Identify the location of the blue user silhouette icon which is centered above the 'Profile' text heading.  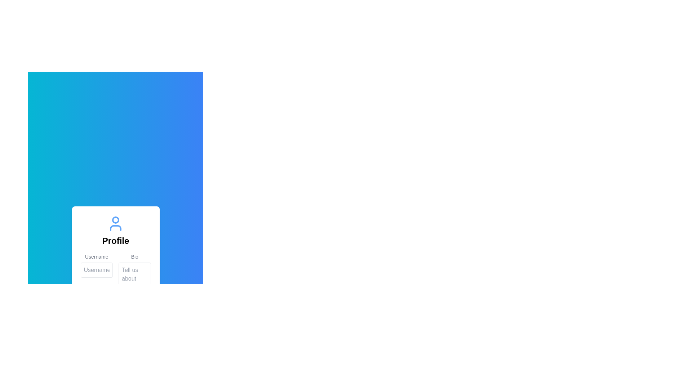
(116, 223).